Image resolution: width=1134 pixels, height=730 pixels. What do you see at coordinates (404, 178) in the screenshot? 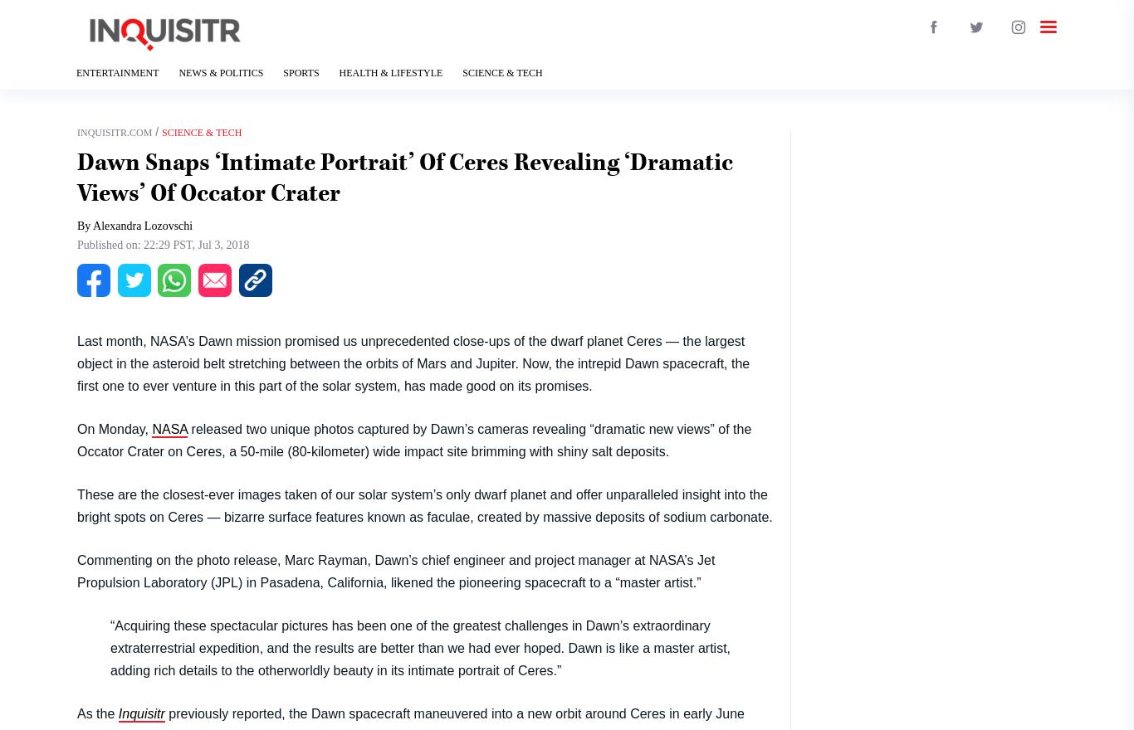
I see `'Dawn Snaps ‘Intimate Portrait’ Of Ceres Revealing ‘Dramatic Views’ Of Occator Crater'` at bounding box center [404, 178].